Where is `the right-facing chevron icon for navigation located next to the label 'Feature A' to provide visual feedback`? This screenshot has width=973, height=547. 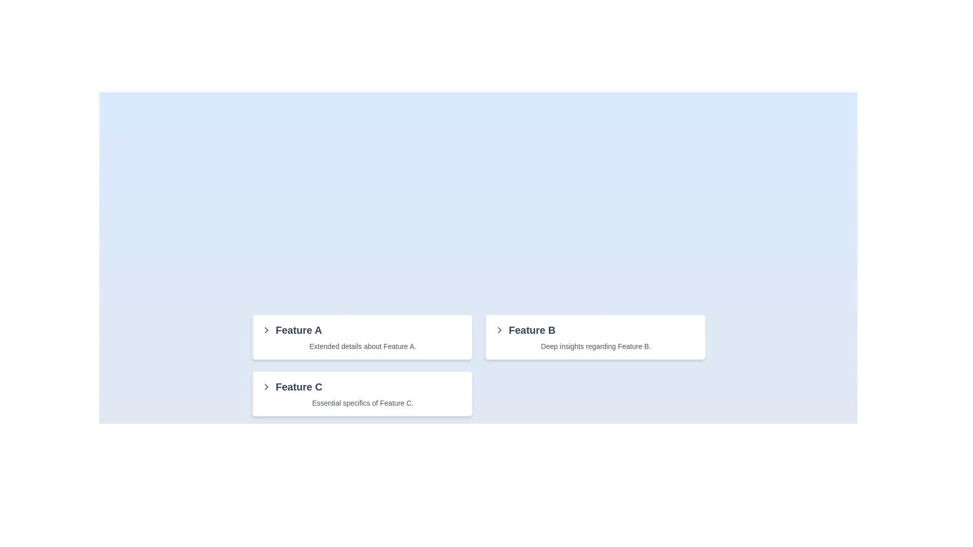
the right-facing chevron icon for navigation located next to the label 'Feature A' to provide visual feedback is located at coordinates (267, 386).